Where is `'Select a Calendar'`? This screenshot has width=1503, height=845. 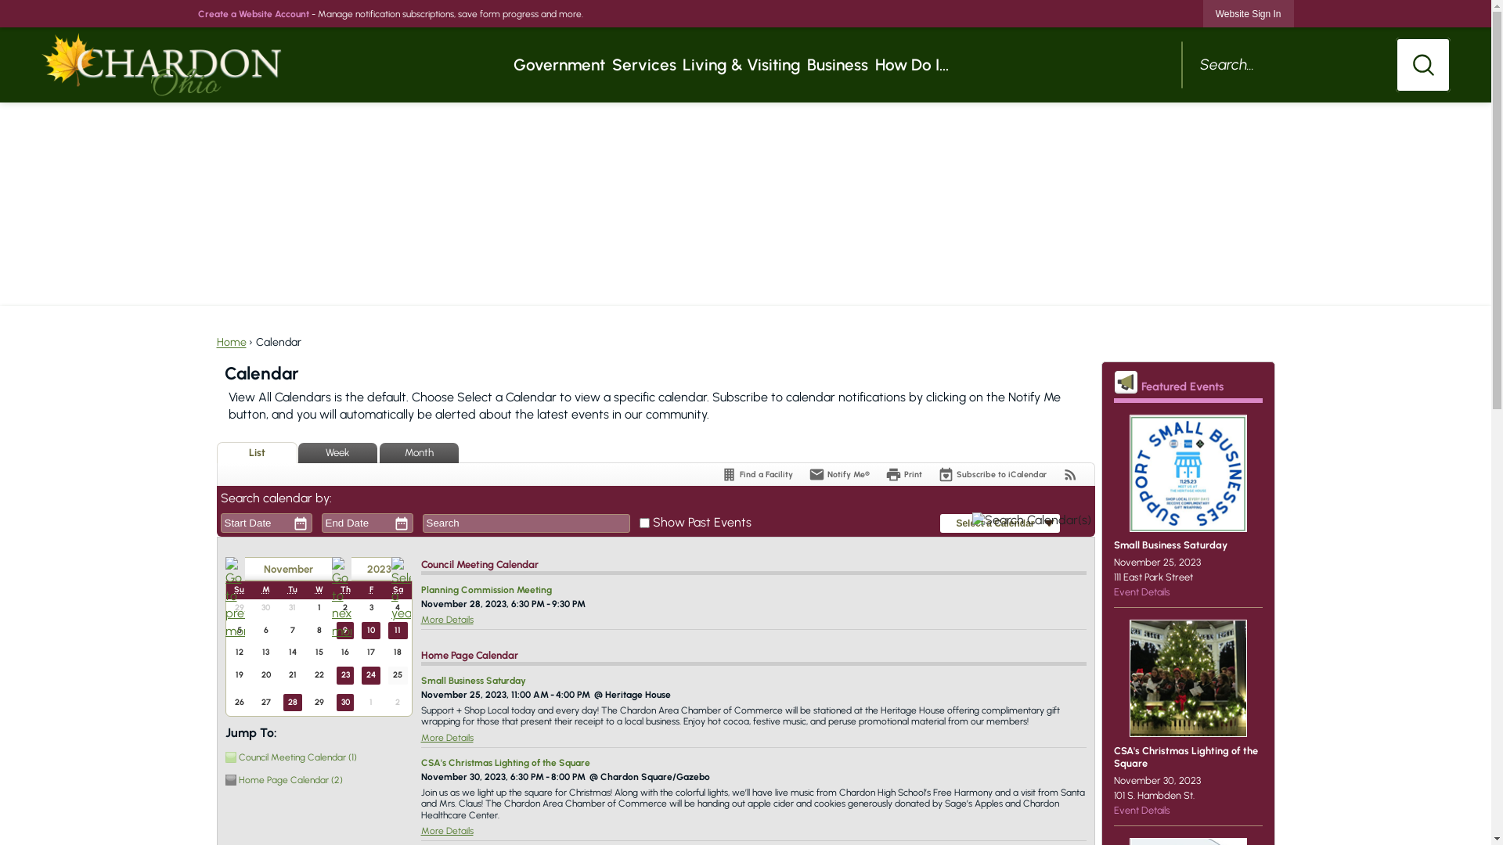 'Select a Calendar' is located at coordinates (939, 523).